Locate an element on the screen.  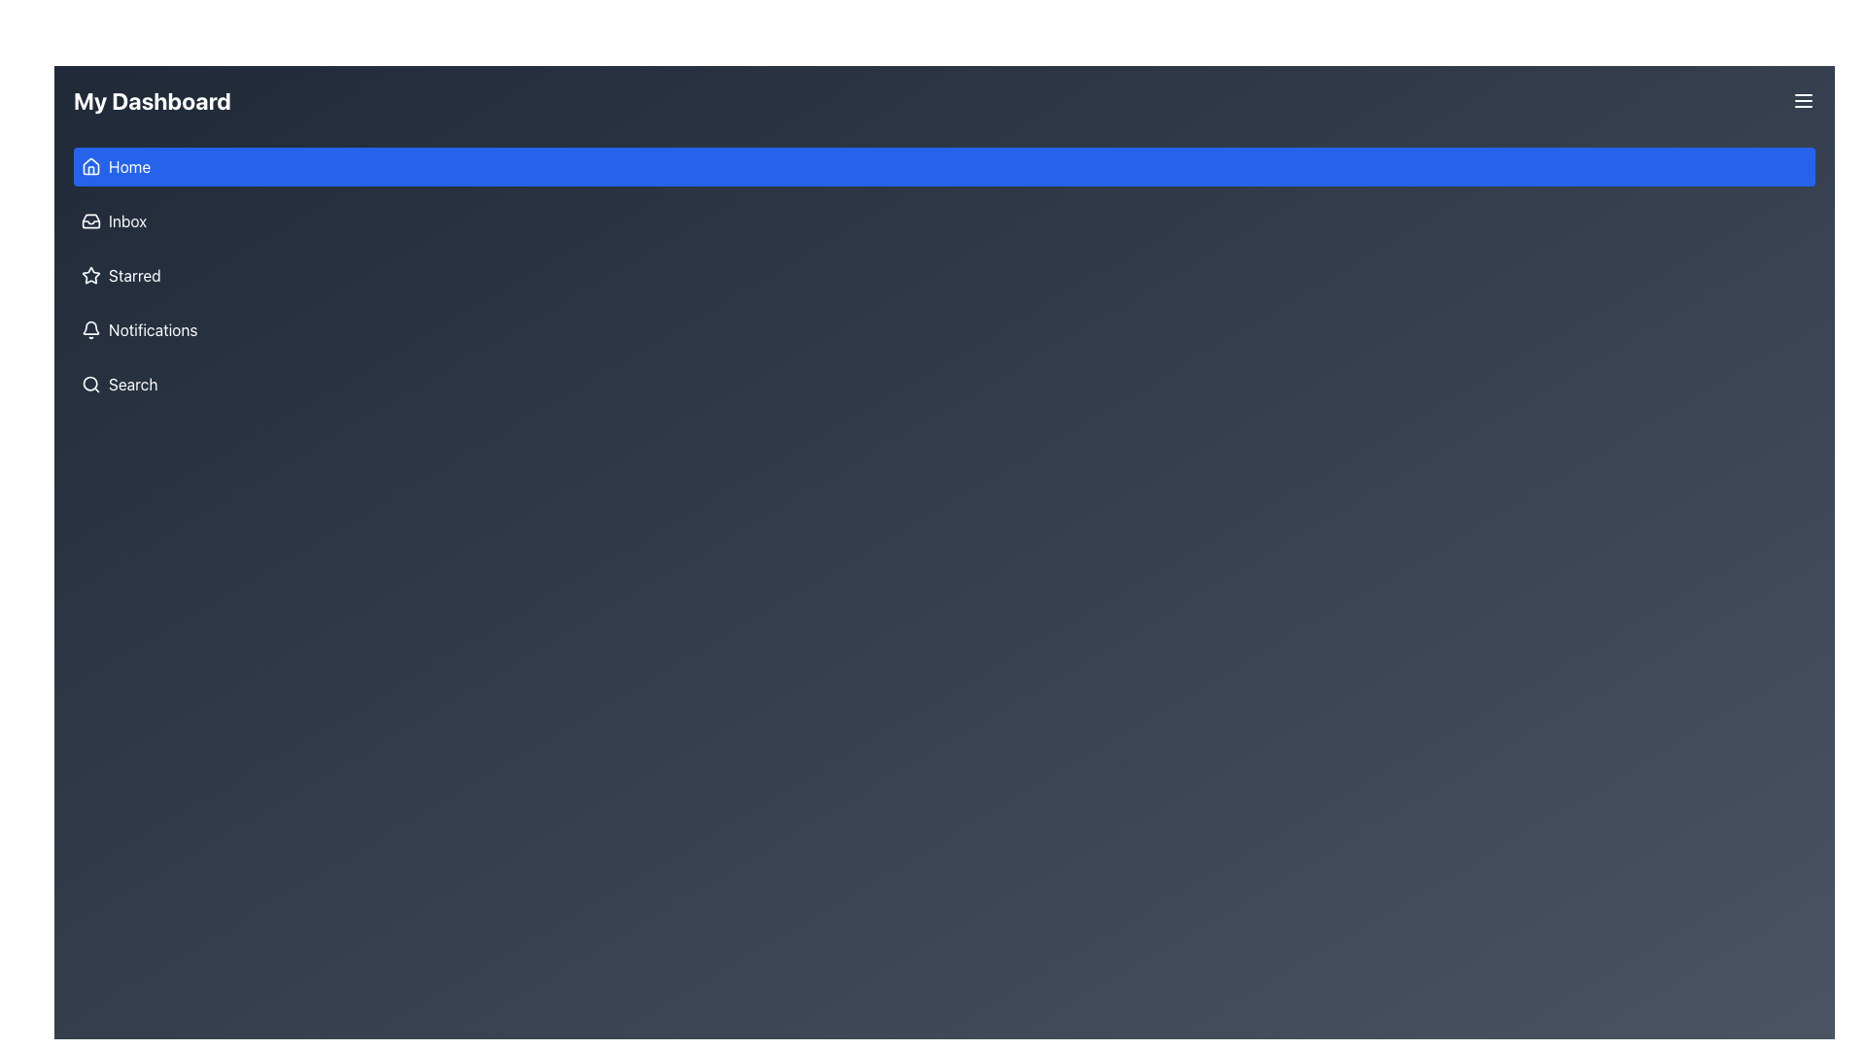
the 'Inbox' icon in the left-side navigation menu, which is characterized by a geometric outline depicting a 3D perspective and styled with line art is located at coordinates (90, 220).